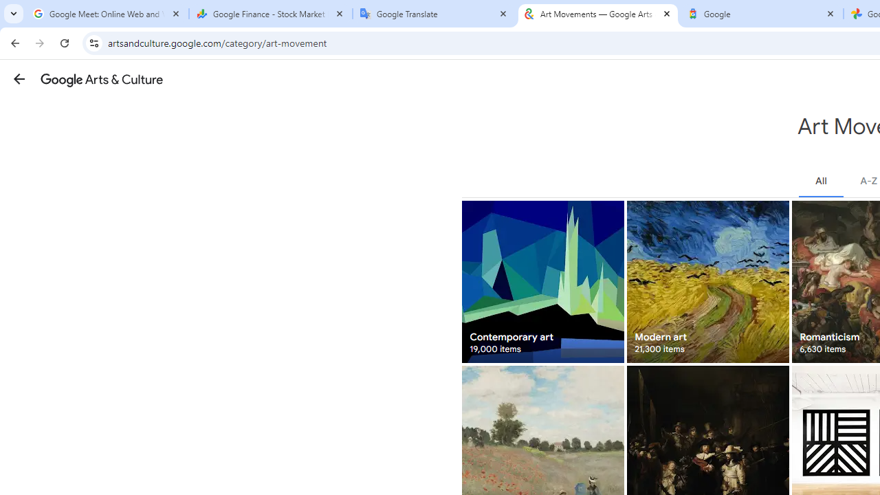  What do you see at coordinates (101, 79) in the screenshot?
I see `'Google Arts & Culture'` at bounding box center [101, 79].